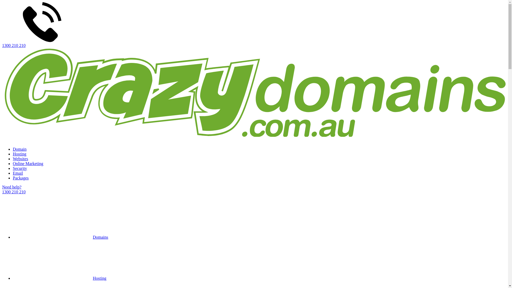 Image resolution: width=512 pixels, height=288 pixels. What do you see at coordinates (20, 158) in the screenshot?
I see `'Websites'` at bounding box center [20, 158].